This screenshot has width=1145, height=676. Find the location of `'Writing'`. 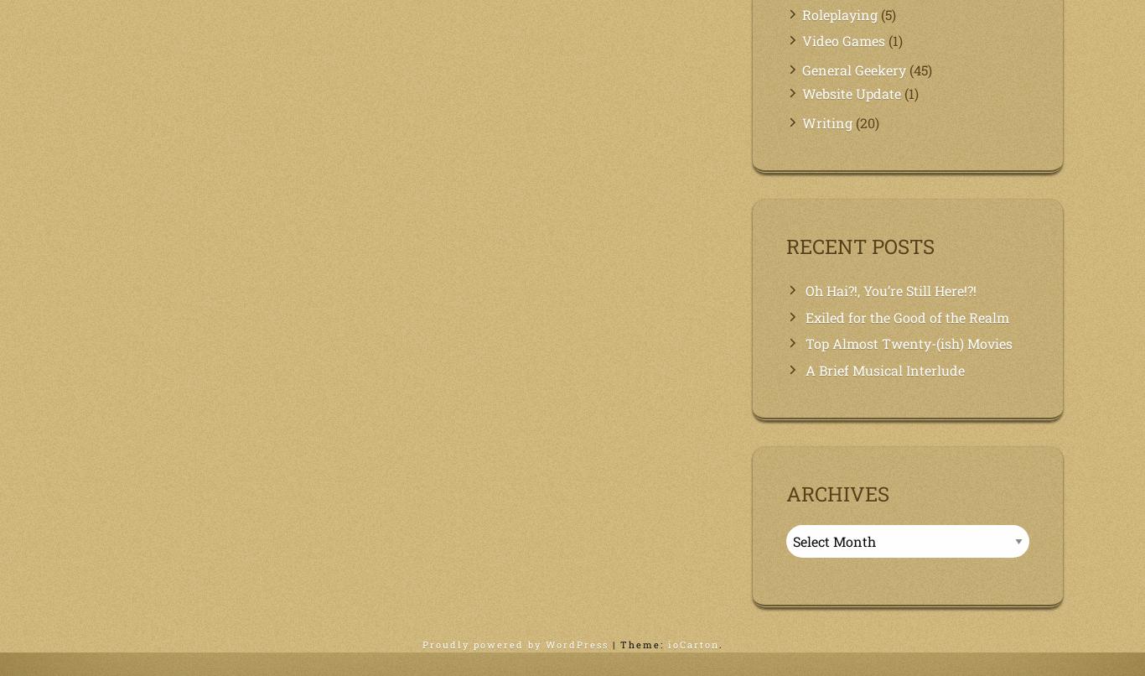

'Writing' is located at coordinates (802, 122).